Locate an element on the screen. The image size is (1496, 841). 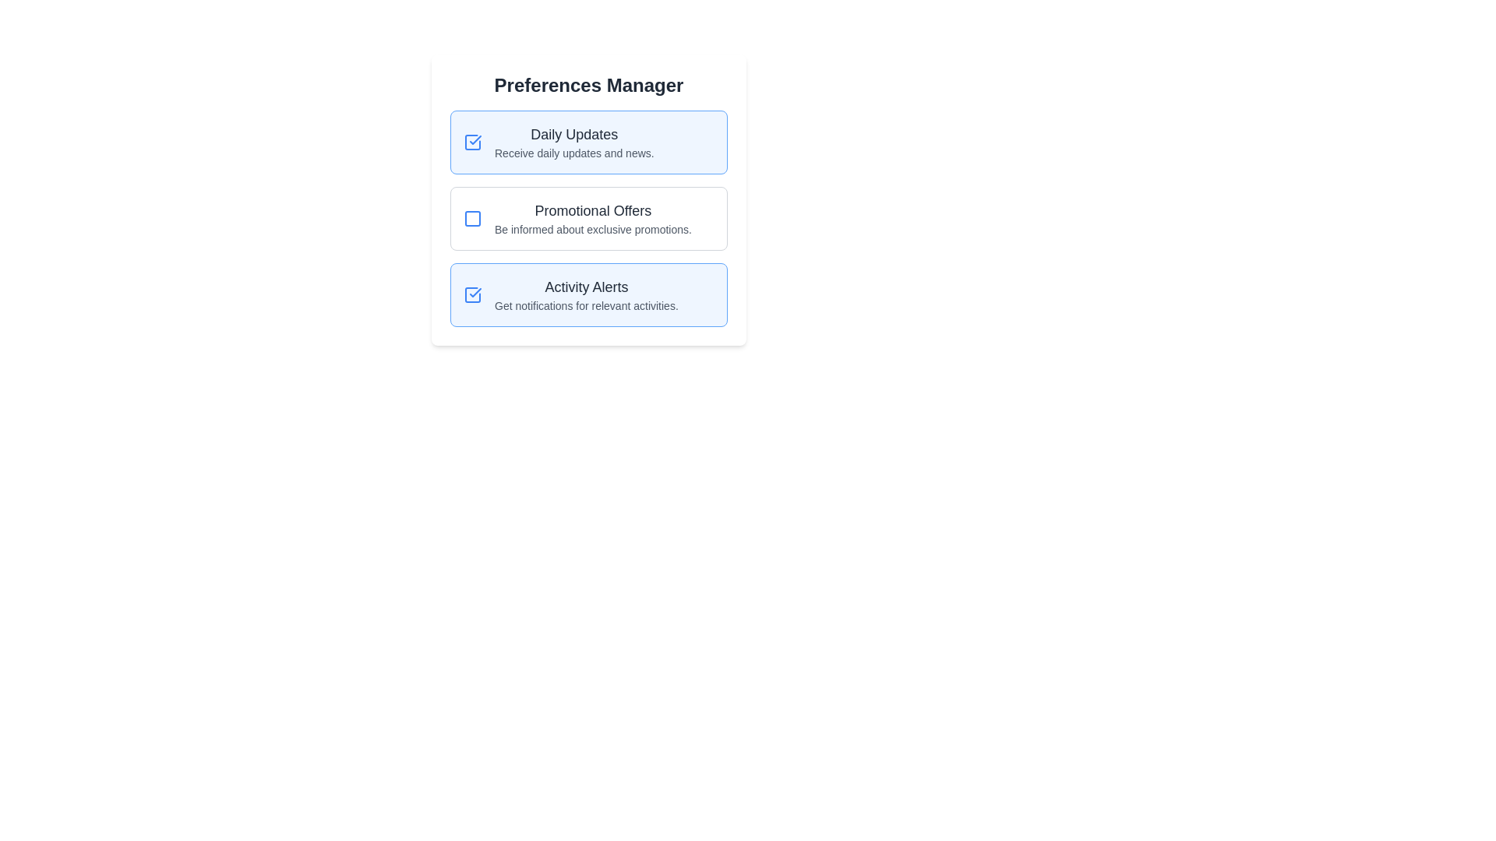
the 'Preferences Manager' text header, which is a bold, large font label displayed at the top of a section with a light background is located at coordinates (587, 86).